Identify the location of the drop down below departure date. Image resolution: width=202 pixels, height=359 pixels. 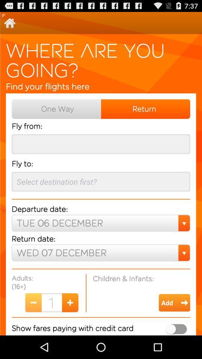
(101, 223).